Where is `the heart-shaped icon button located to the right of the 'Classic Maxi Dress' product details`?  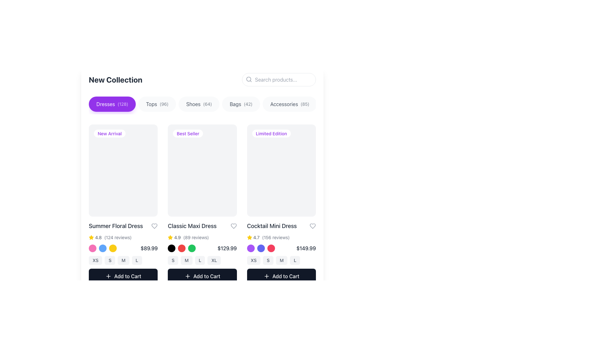 the heart-shaped icon button located to the right of the 'Classic Maxi Dress' product details is located at coordinates (233, 225).